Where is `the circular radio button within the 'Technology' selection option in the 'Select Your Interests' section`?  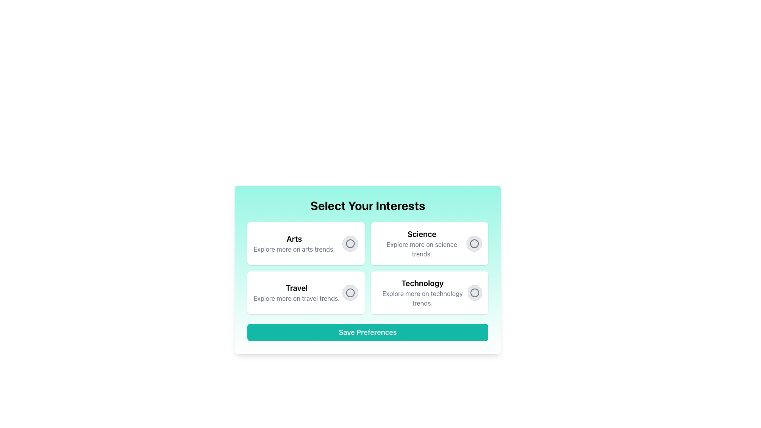 the circular radio button within the 'Technology' selection option in the 'Select Your Interests' section is located at coordinates (475, 293).